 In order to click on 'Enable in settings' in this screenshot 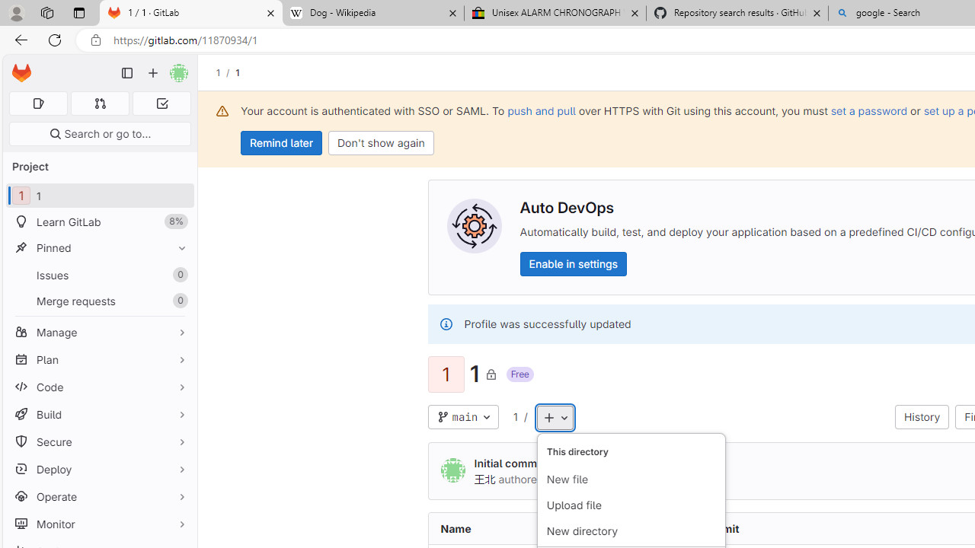, I will do `click(572, 263)`.